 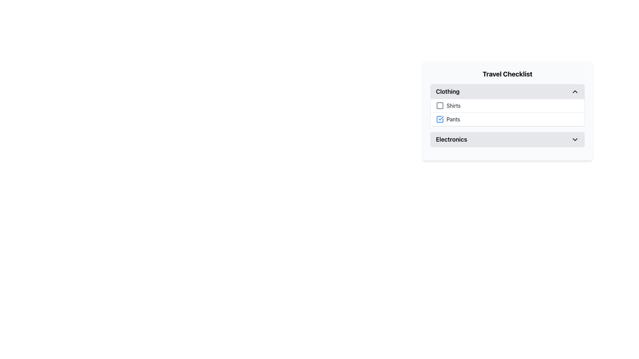 What do you see at coordinates (507, 112) in the screenshot?
I see `the toggle items in the Clothing section of the Travel Checklist, specifically the unchecked 'Shirts' and checked 'Pants' items, to observe any potential color change or tooltip display` at bounding box center [507, 112].